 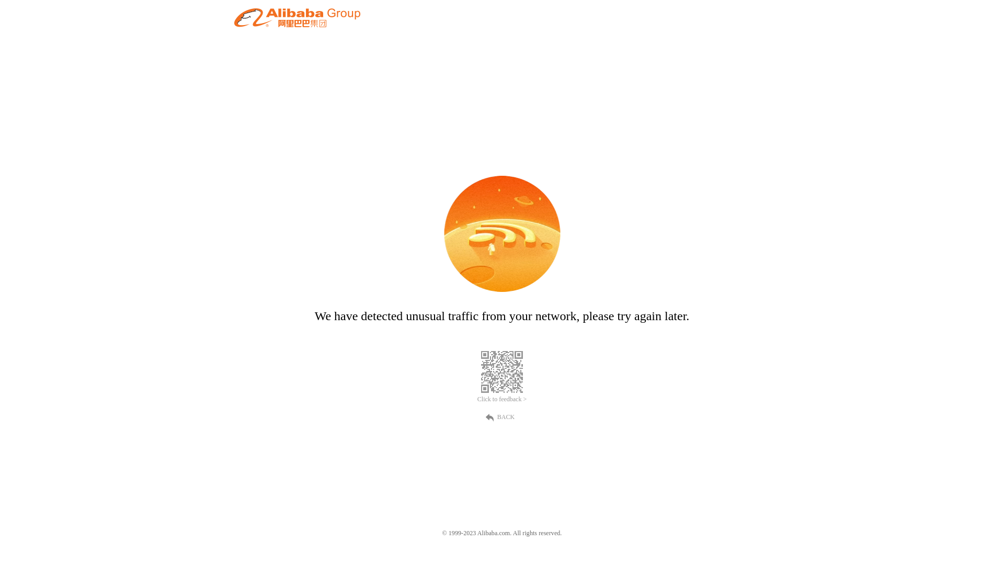 I want to click on 'BACK', so click(x=502, y=415).